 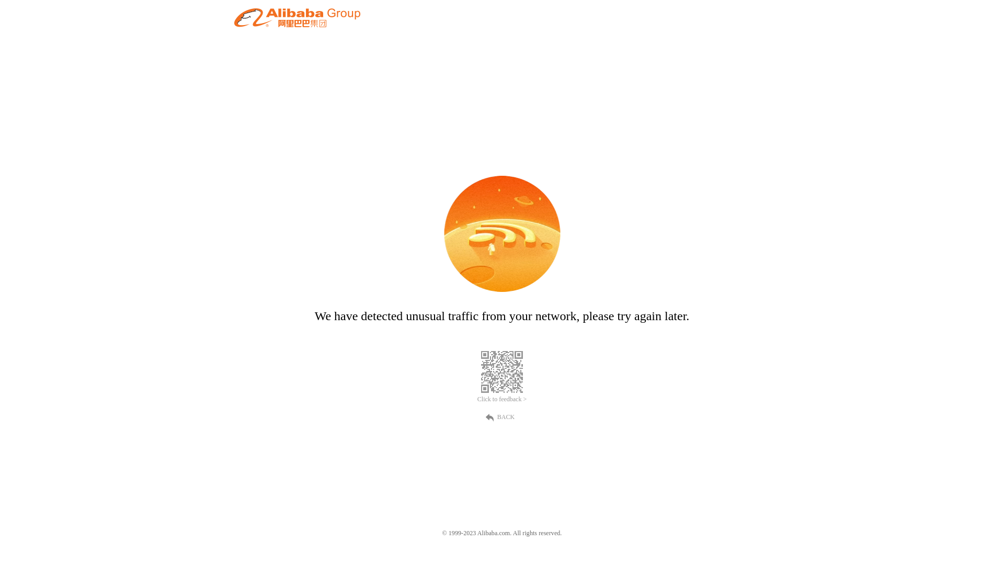 I want to click on 'BACK', so click(x=502, y=415).